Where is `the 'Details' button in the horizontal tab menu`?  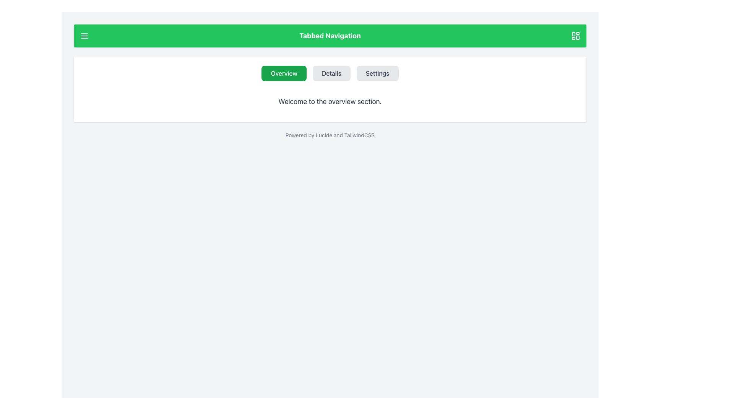
the 'Details' button in the horizontal tab menu is located at coordinates (331, 73).